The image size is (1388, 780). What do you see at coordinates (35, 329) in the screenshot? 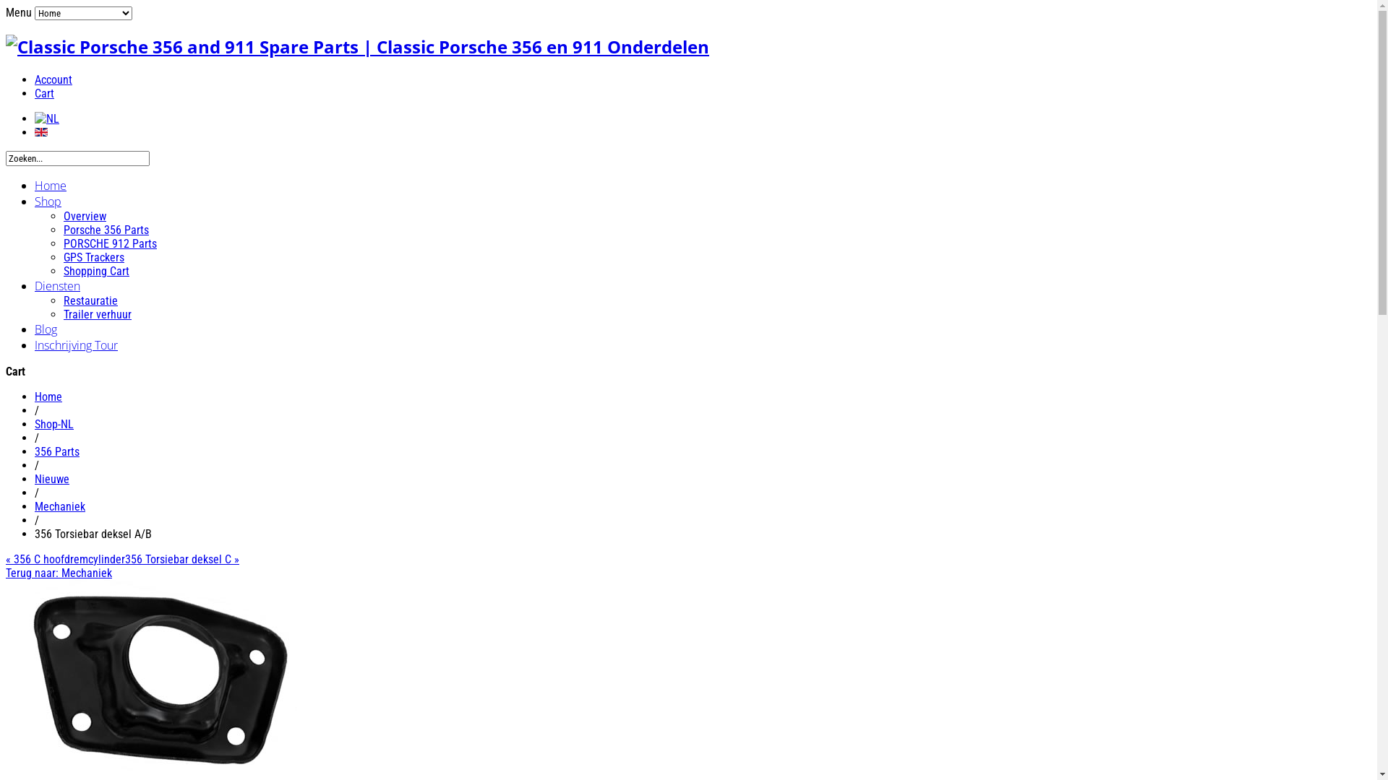
I see `'Blog'` at bounding box center [35, 329].